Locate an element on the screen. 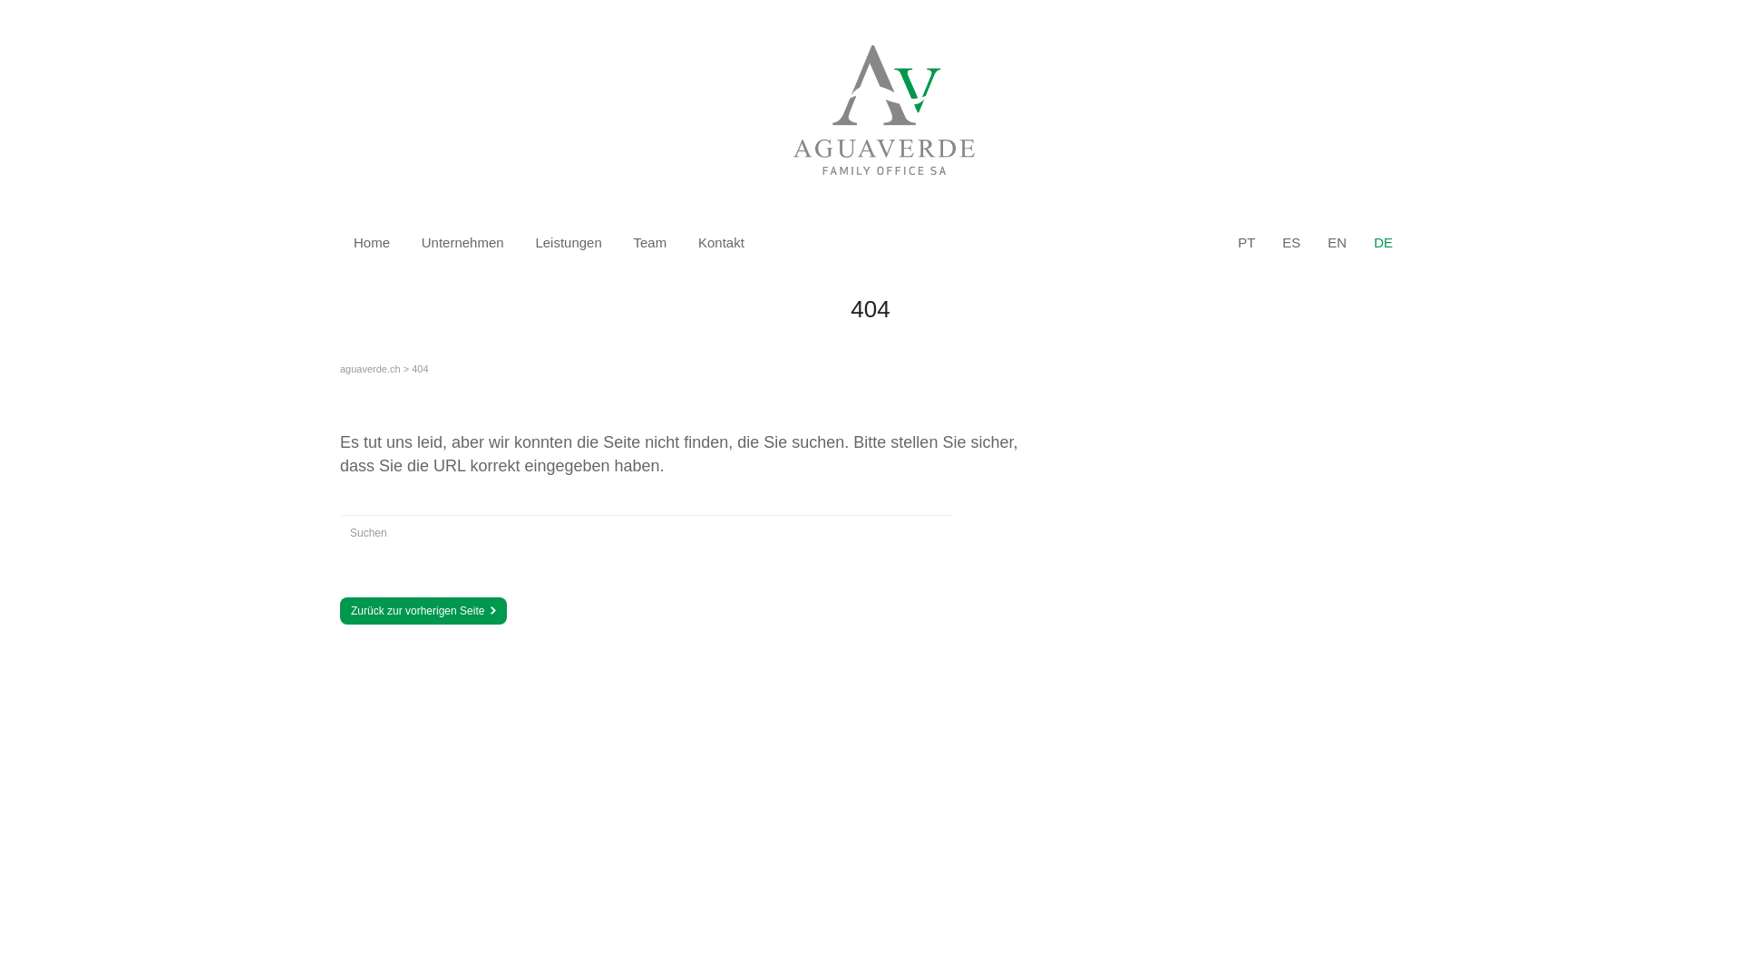 The image size is (1741, 979). 'DE' is located at coordinates (1374, 241).